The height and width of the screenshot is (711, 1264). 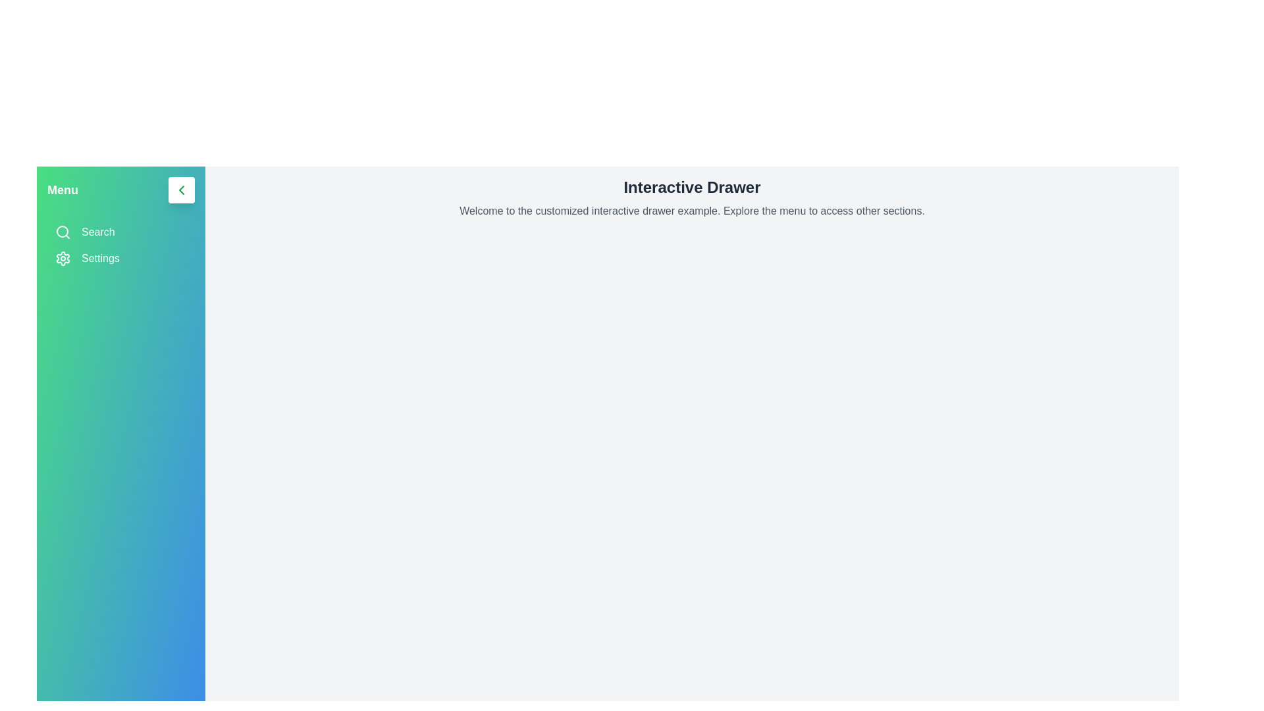 What do you see at coordinates (691, 188) in the screenshot?
I see `the text 'Interactive Drawer'` at bounding box center [691, 188].